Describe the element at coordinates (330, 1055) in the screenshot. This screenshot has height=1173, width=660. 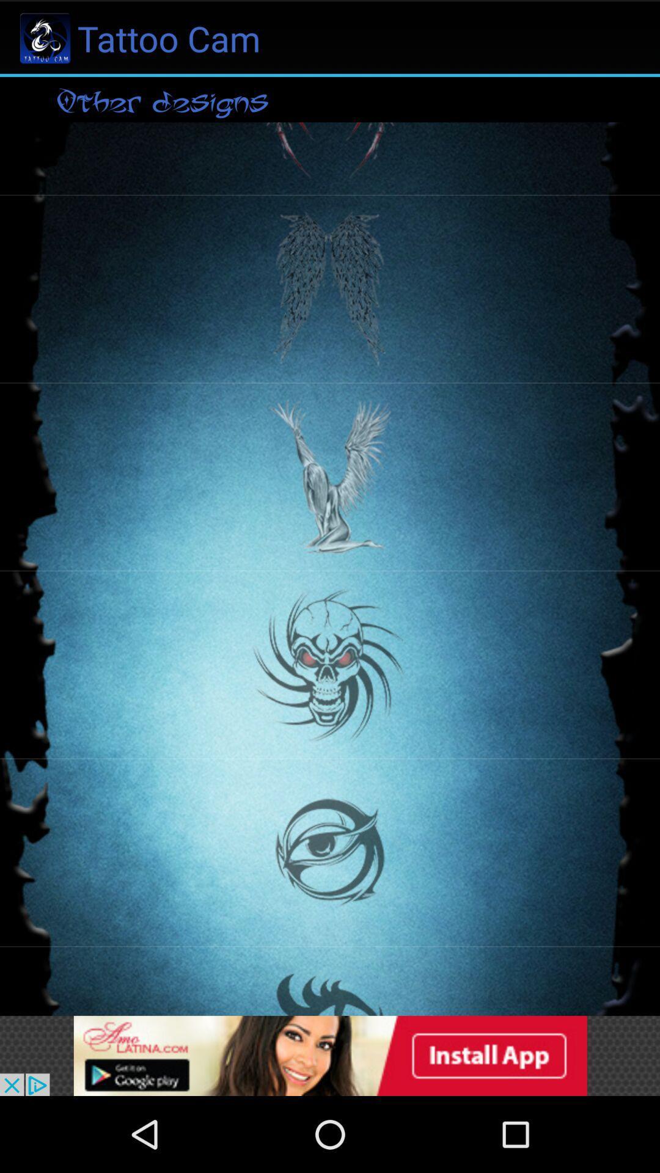
I see `click discription` at that location.